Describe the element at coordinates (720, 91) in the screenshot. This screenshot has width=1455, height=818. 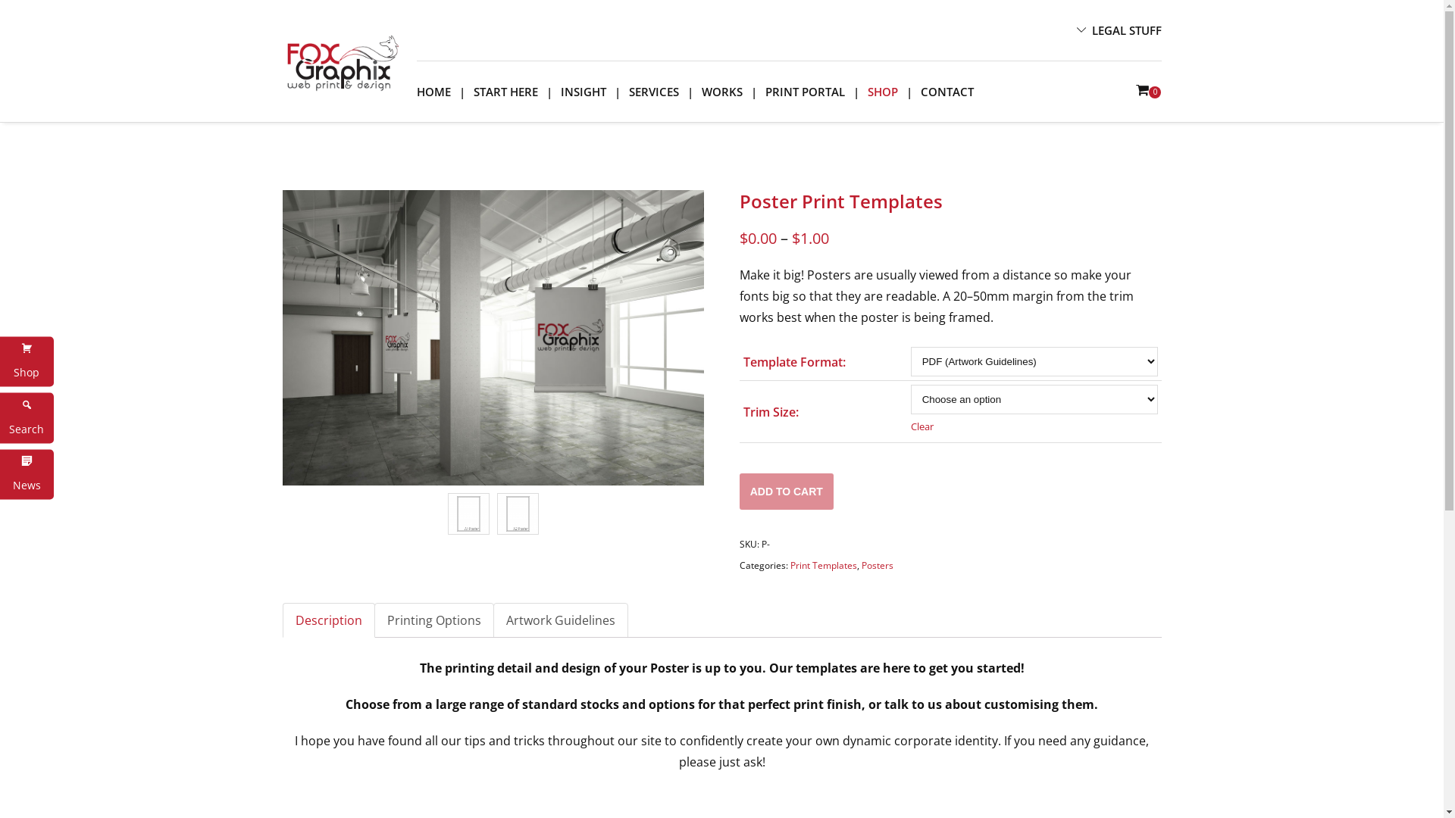
I see `'WORKS'` at that location.